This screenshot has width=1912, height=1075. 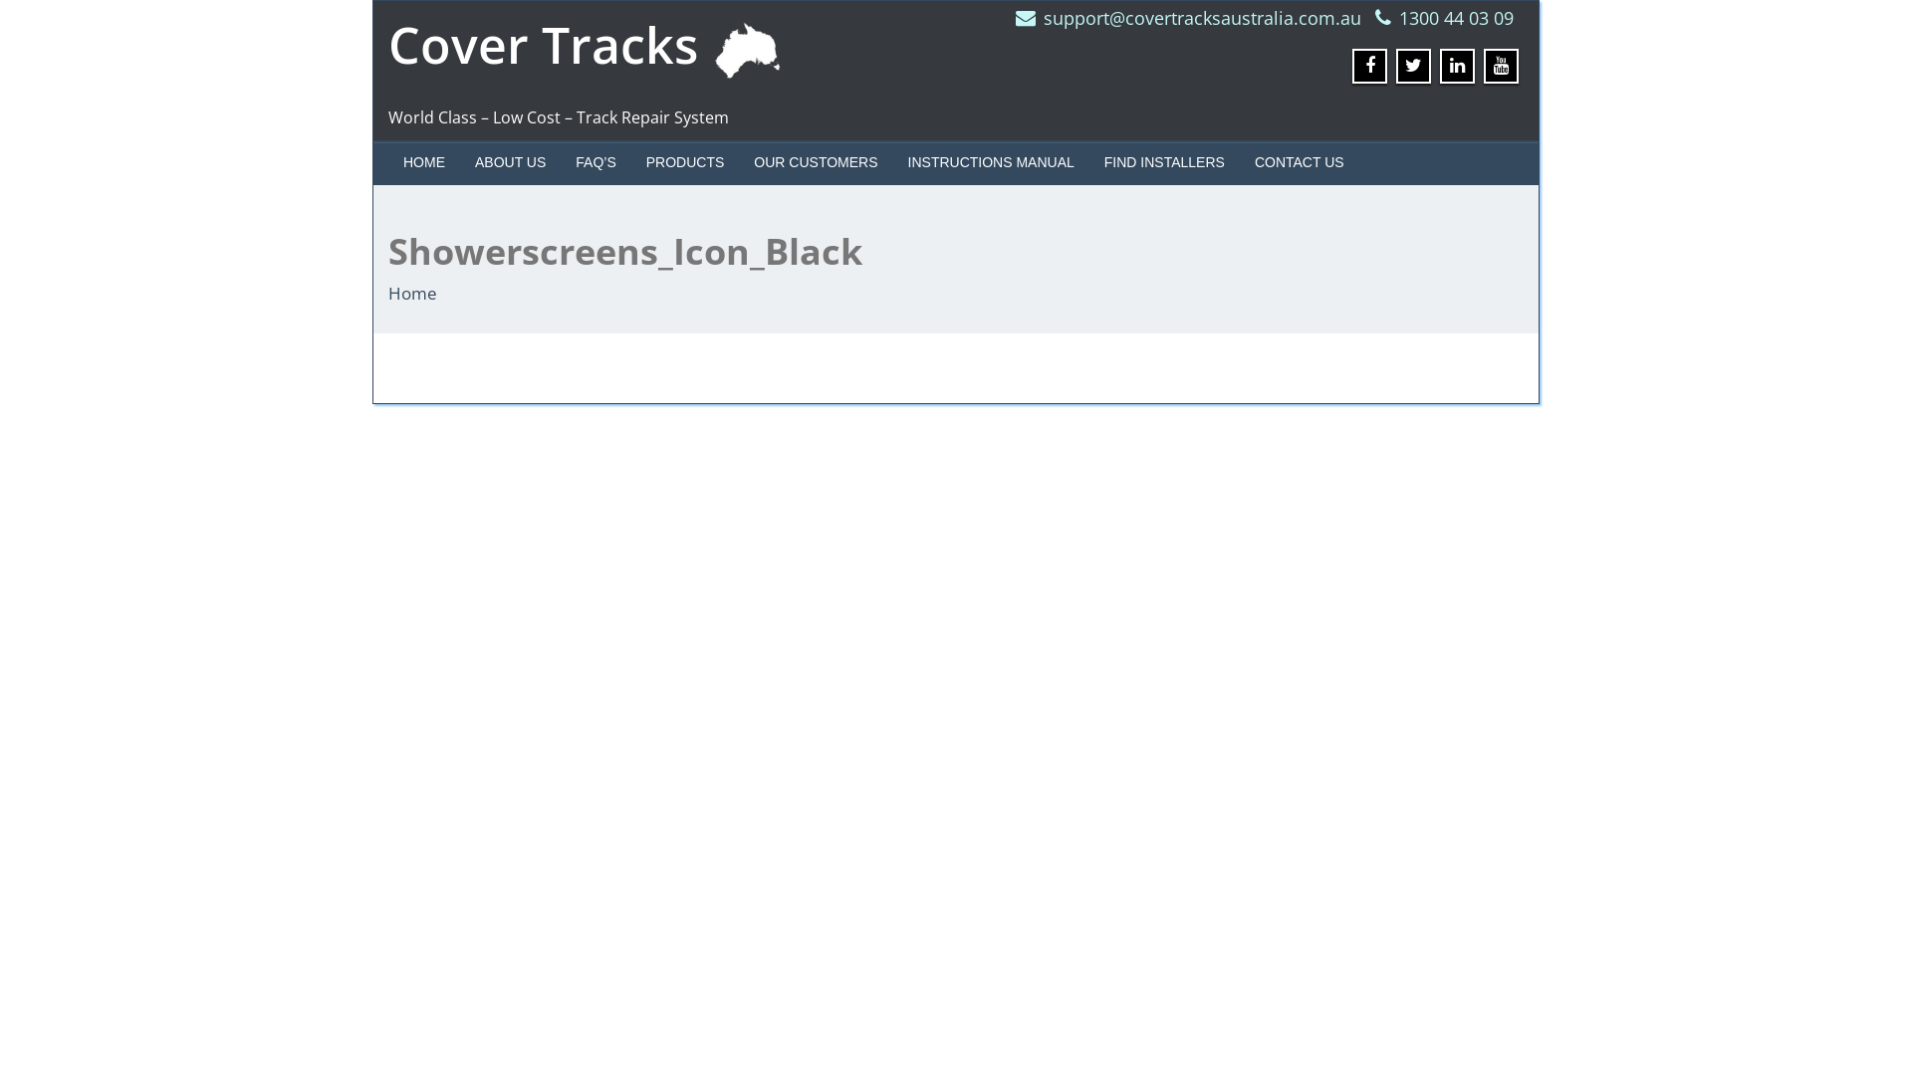 I want to click on 'Linkedin', so click(x=1457, y=65).